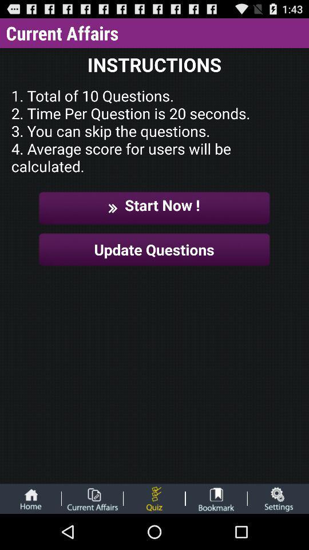 The image size is (309, 550). What do you see at coordinates (154, 498) in the screenshot?
I see `the button below update questions icon` at bounding box center [154, 498].